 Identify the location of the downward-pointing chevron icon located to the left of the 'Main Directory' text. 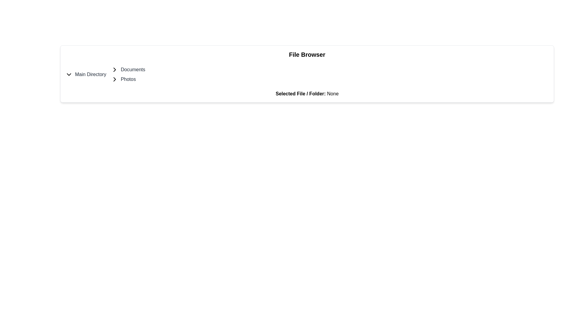
(69, 74).